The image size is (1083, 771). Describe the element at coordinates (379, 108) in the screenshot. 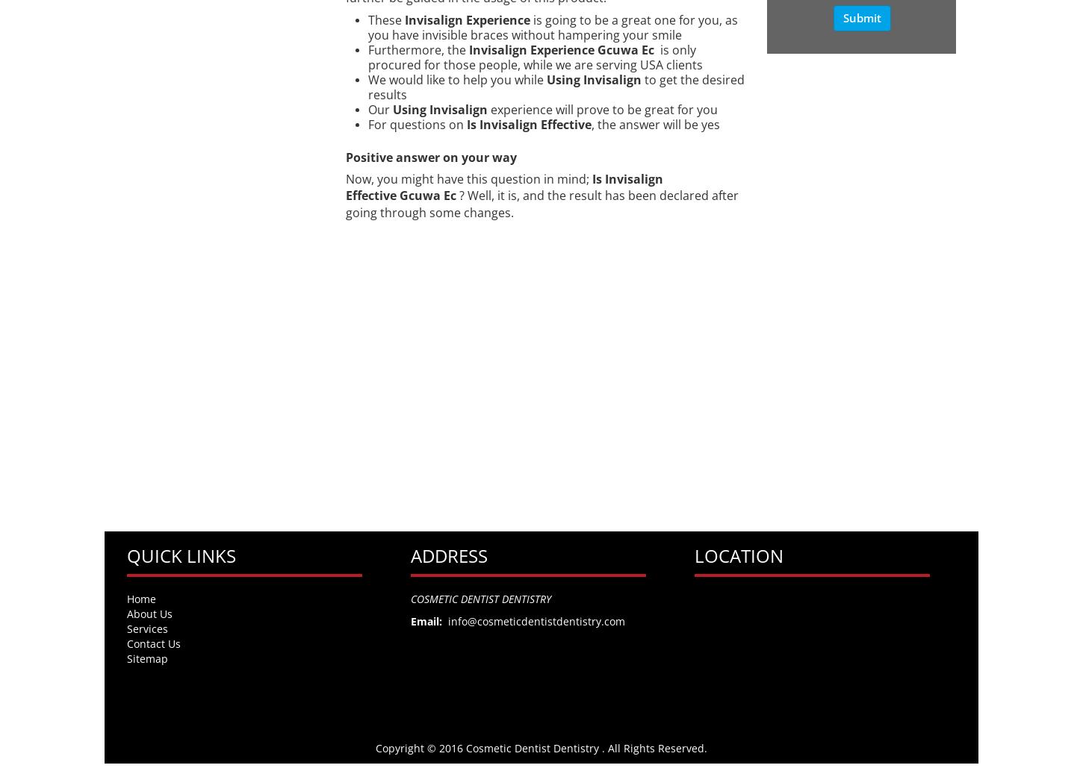

I see `'Our'` at that location.